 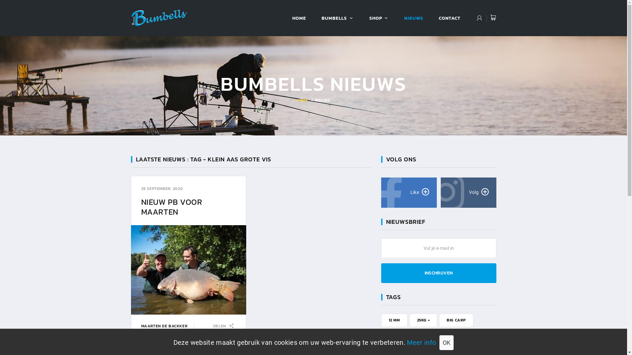 I want to click on 'Login', so click(x=479, y=18).